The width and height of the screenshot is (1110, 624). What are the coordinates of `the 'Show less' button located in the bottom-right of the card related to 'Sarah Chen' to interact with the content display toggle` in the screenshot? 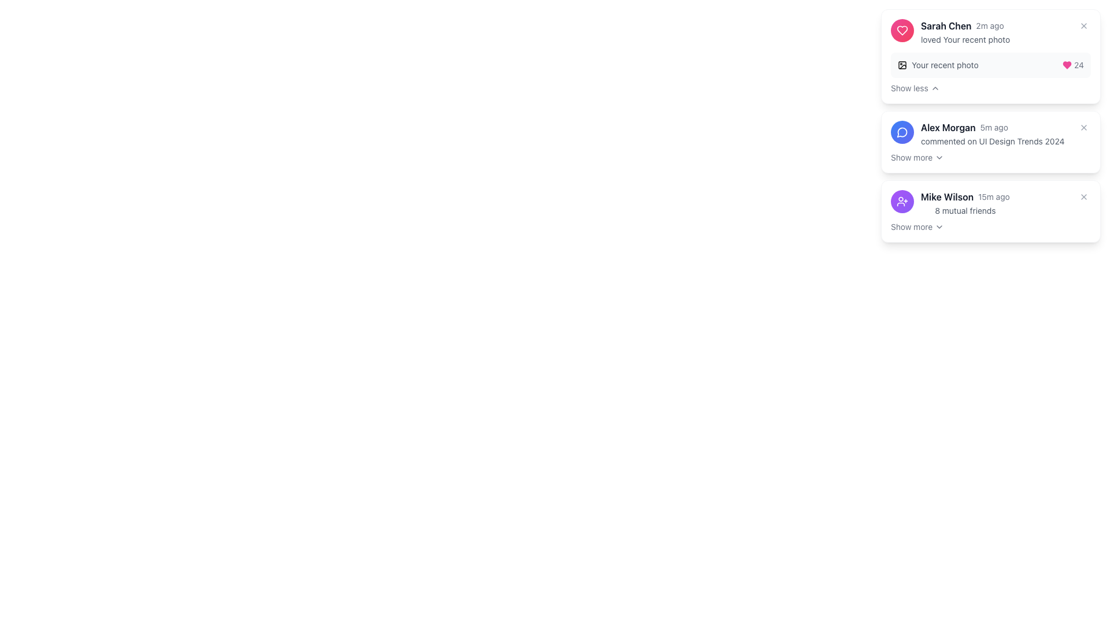 It's located at (915, 88).